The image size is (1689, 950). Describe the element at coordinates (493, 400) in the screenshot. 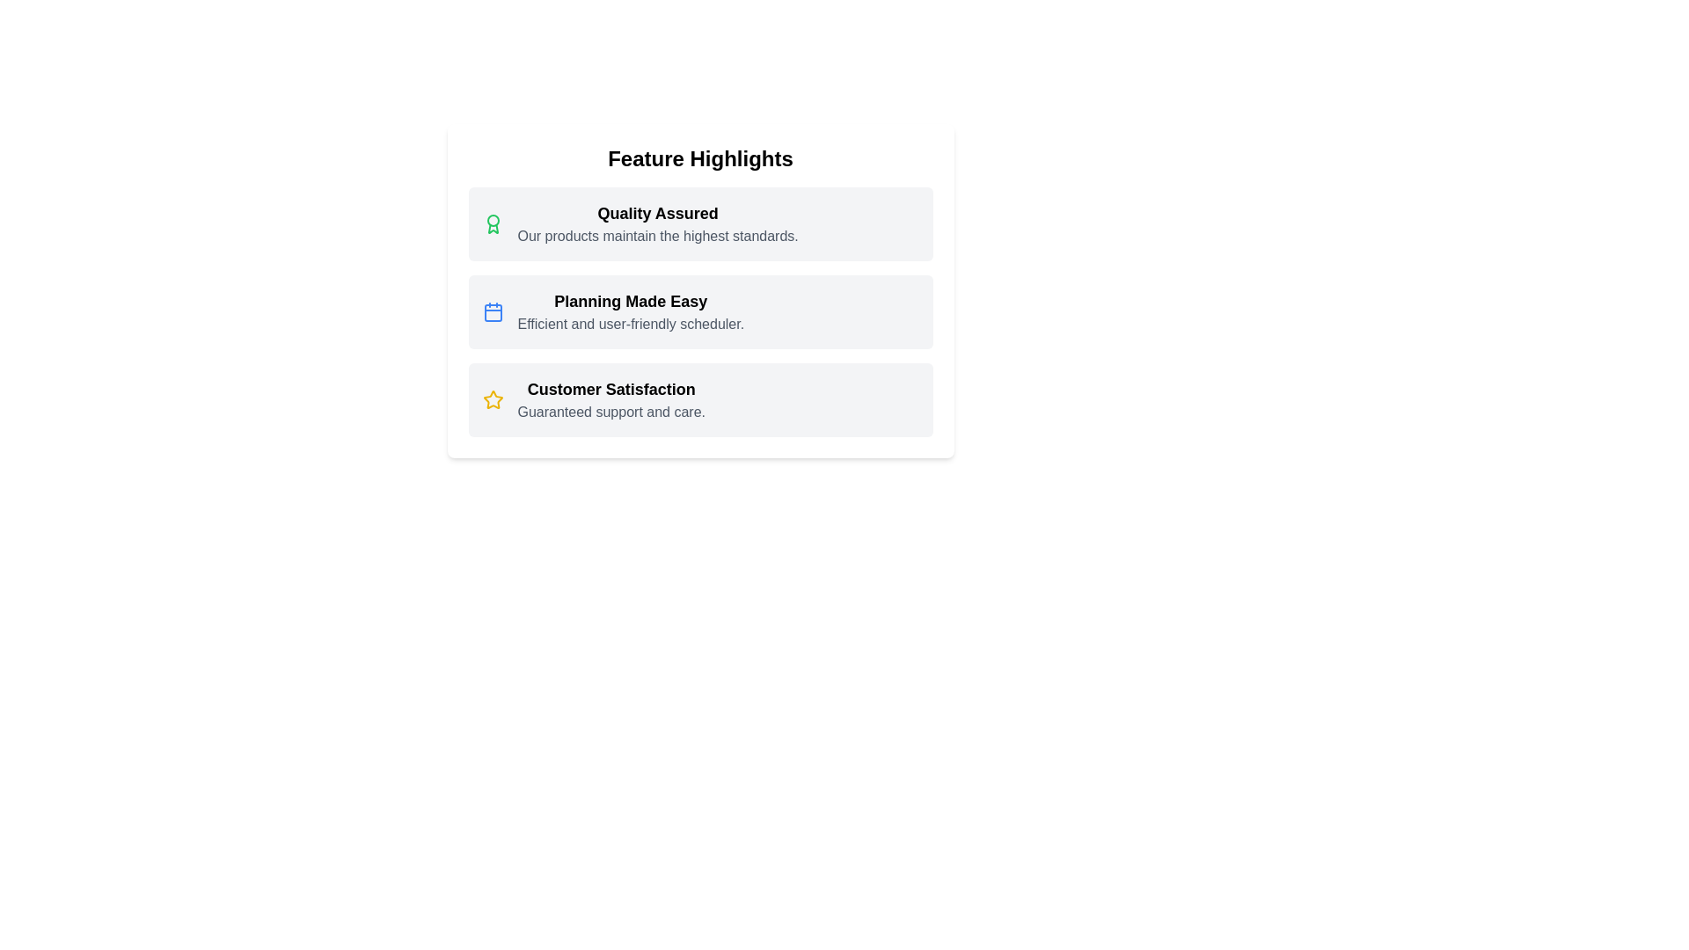

I see `the yellow star icon located to the left of the 'Customer Satisfaction' heading in the third row of the 'Feature Highlights' section` at that location.